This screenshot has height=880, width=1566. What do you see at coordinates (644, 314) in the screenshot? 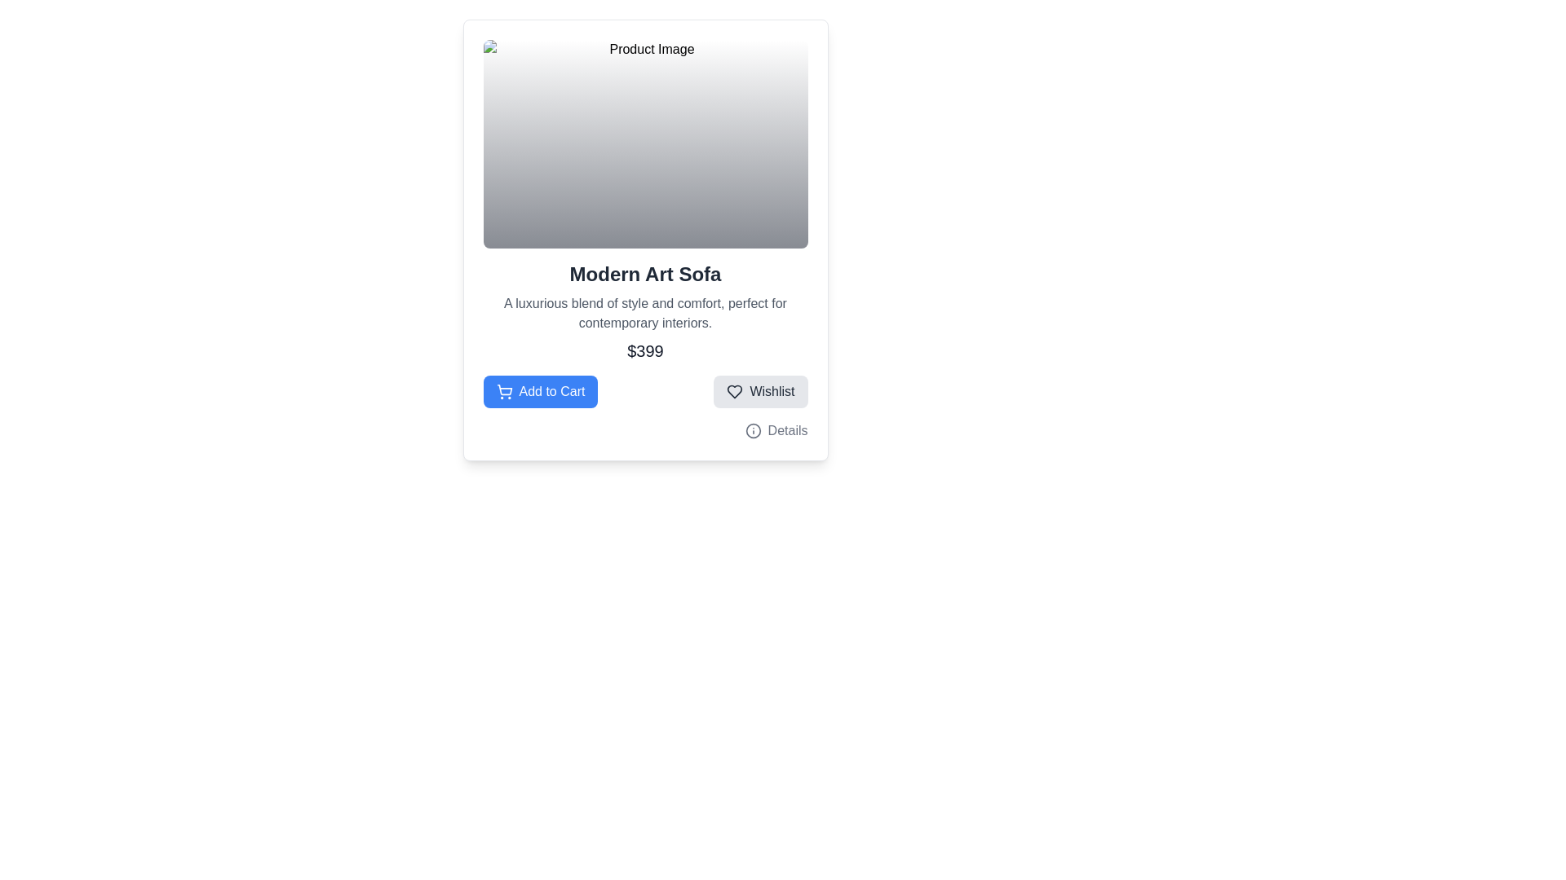
I see `the text block with gray-colored font that reads 'A luxurious blend of style and comfort, perfect for contemporary interiors.', located below the title 'Modern Art Sofa' and above the price '$399'` at bounding box center [644, 314].